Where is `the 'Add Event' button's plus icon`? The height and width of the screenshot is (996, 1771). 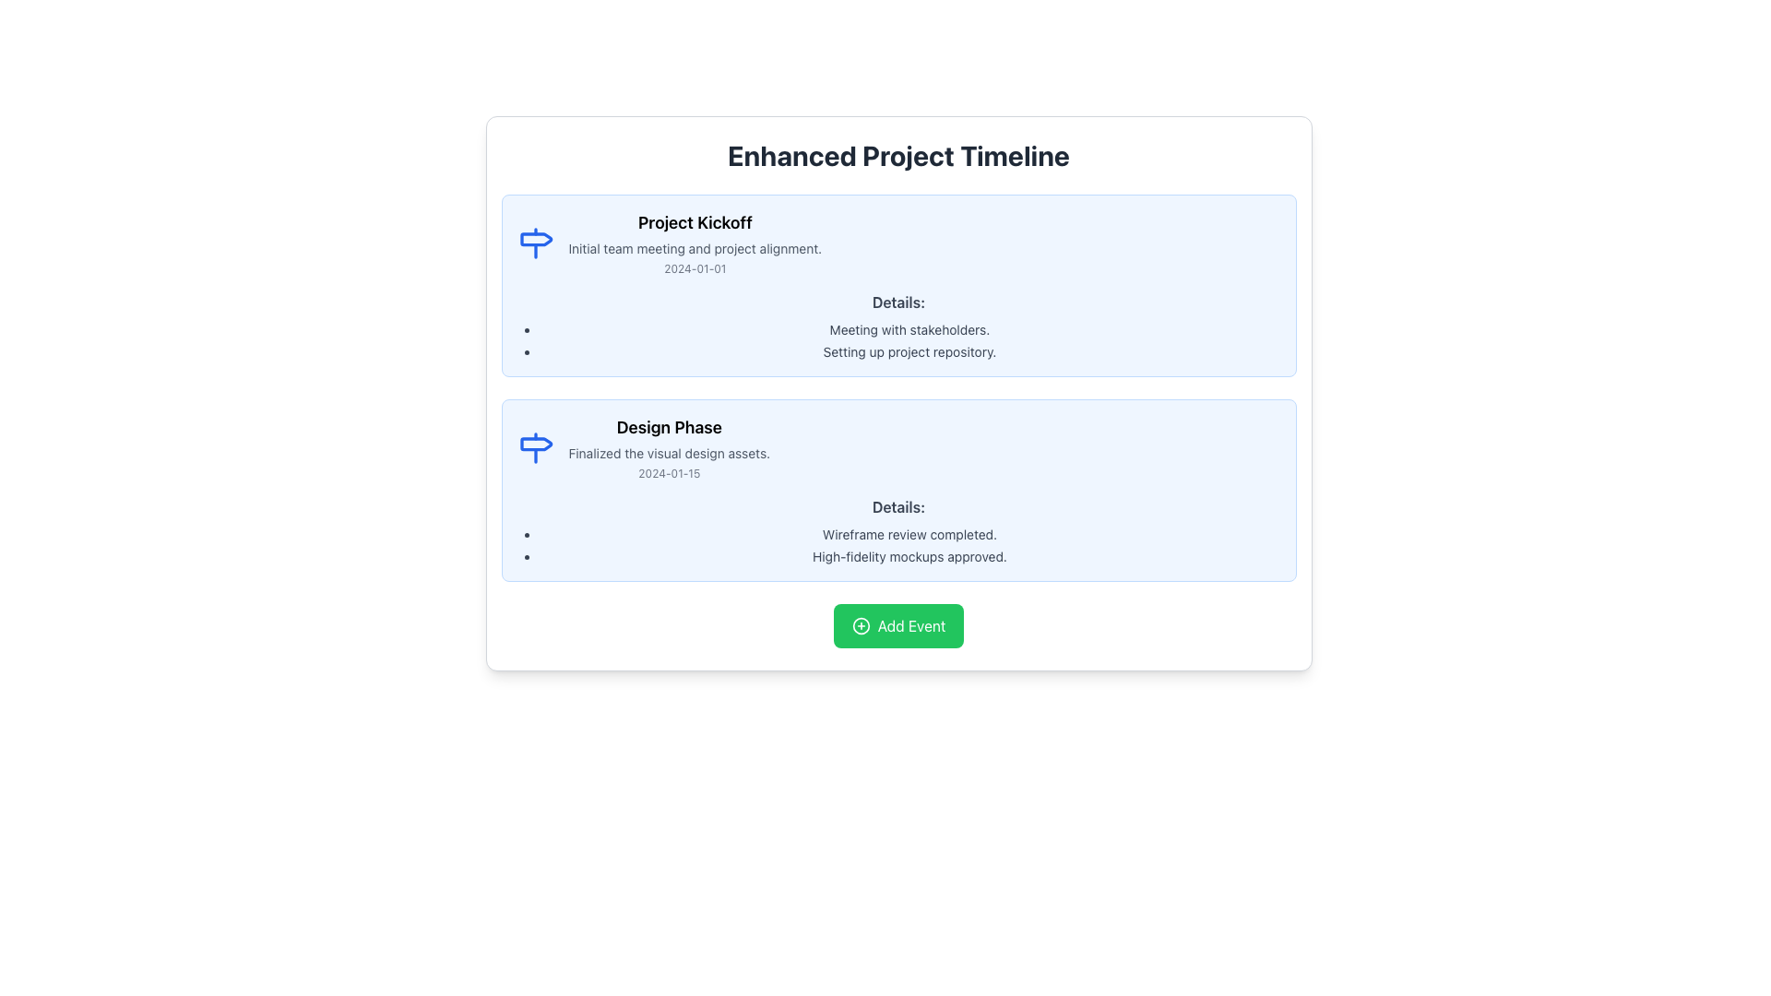
the 'Add Event' button's plus icon is located at coordinates (860, 624).